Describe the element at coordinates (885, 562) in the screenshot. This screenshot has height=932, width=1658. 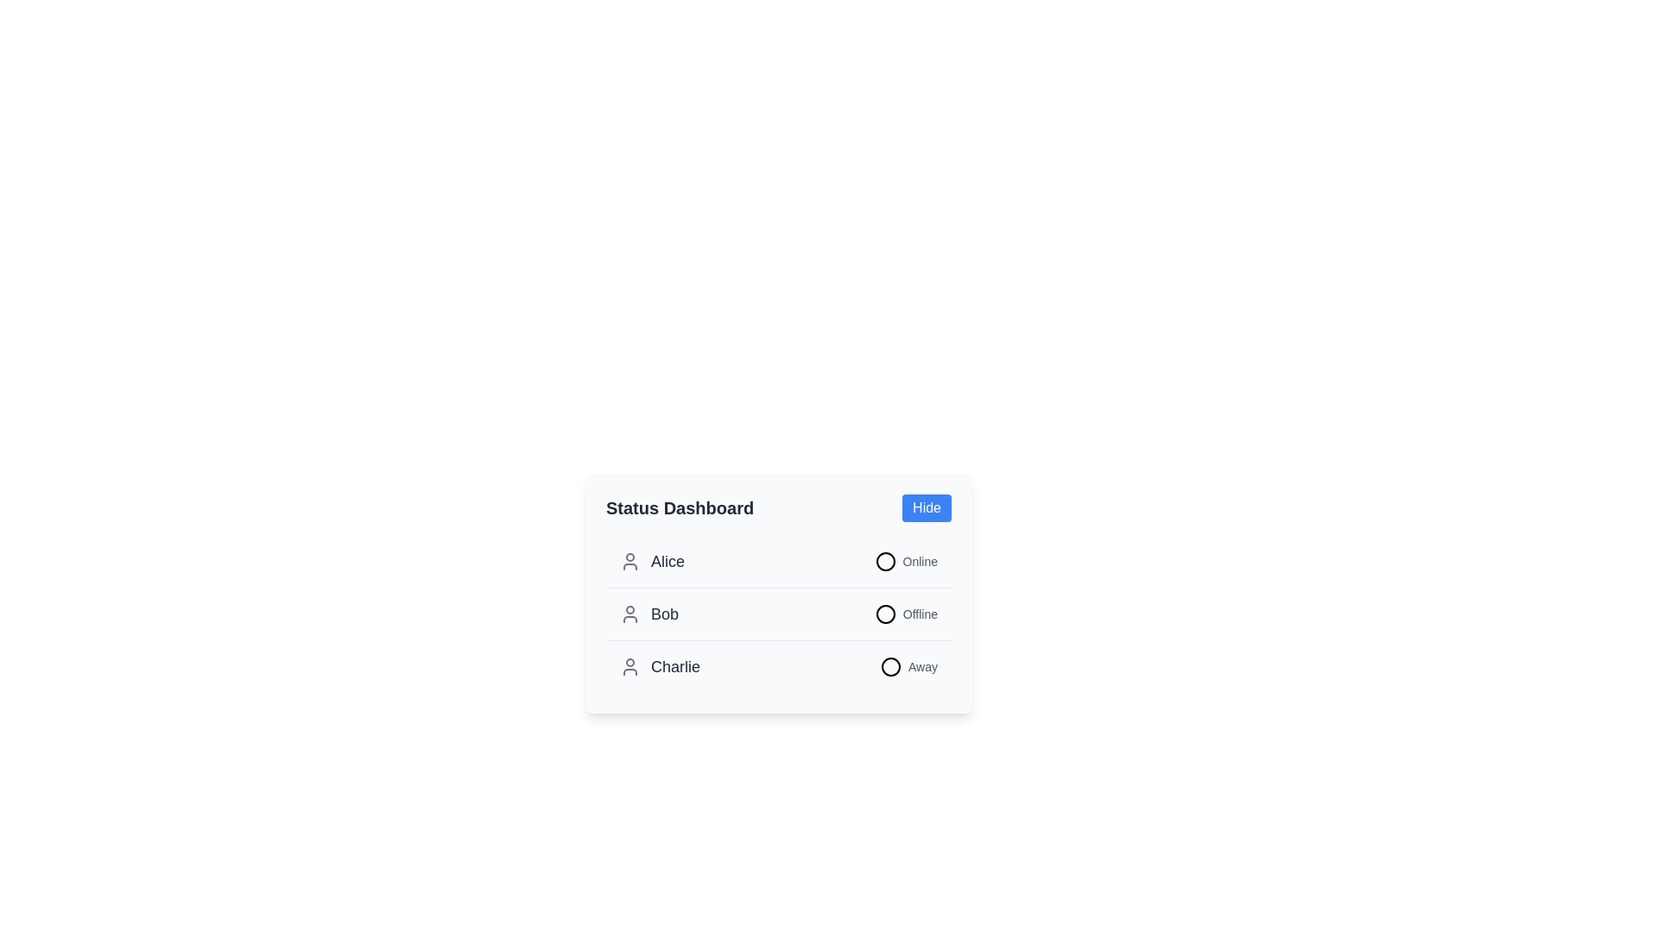
I see `the circular status icon with a black border and white-filled center located in the 'Status Dashboard' next to 'Alice' and preceding the 'Online' status text` at that location.